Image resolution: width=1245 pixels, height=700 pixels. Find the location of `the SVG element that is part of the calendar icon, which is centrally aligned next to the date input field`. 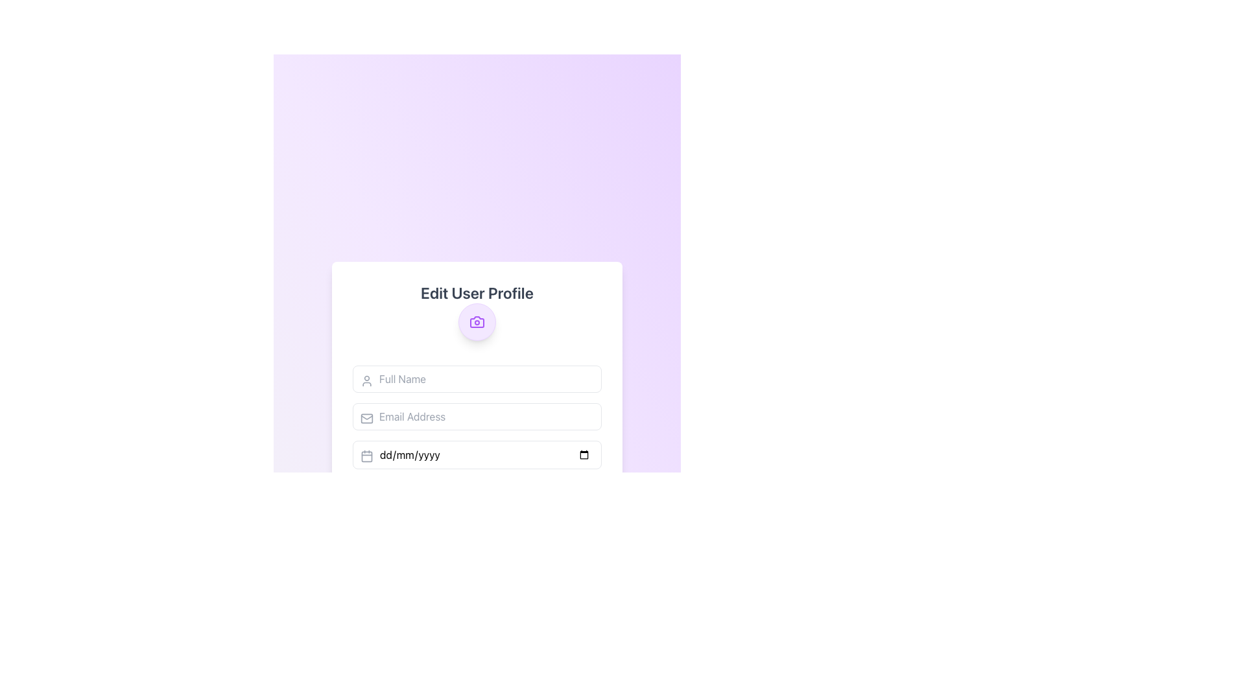

the SVG element that is part of the calendar icon, which is centrally aligned next to the date input field is located at coordinates (366, 456).